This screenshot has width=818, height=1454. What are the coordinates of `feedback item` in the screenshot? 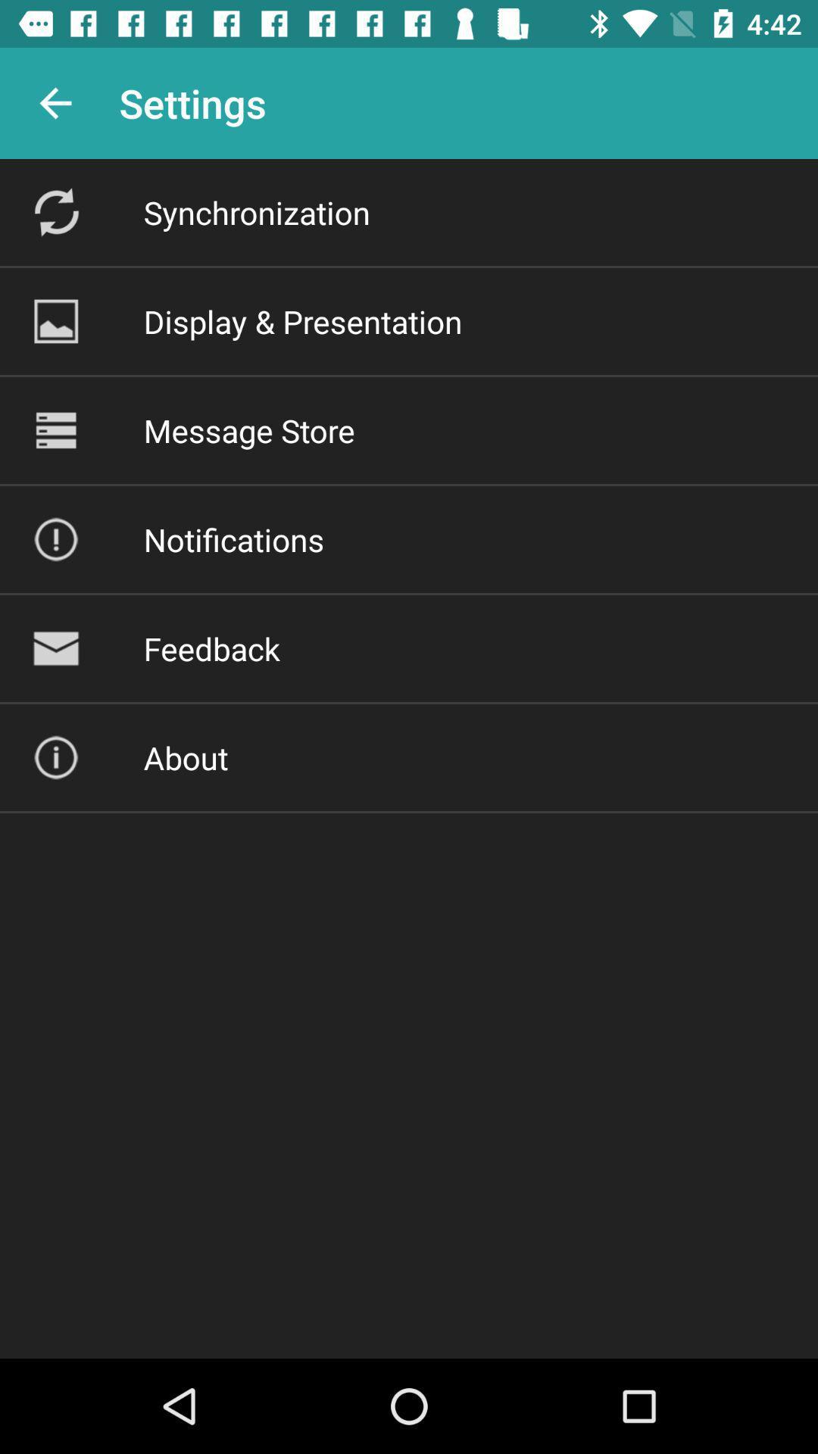 It's located at (211, 648).